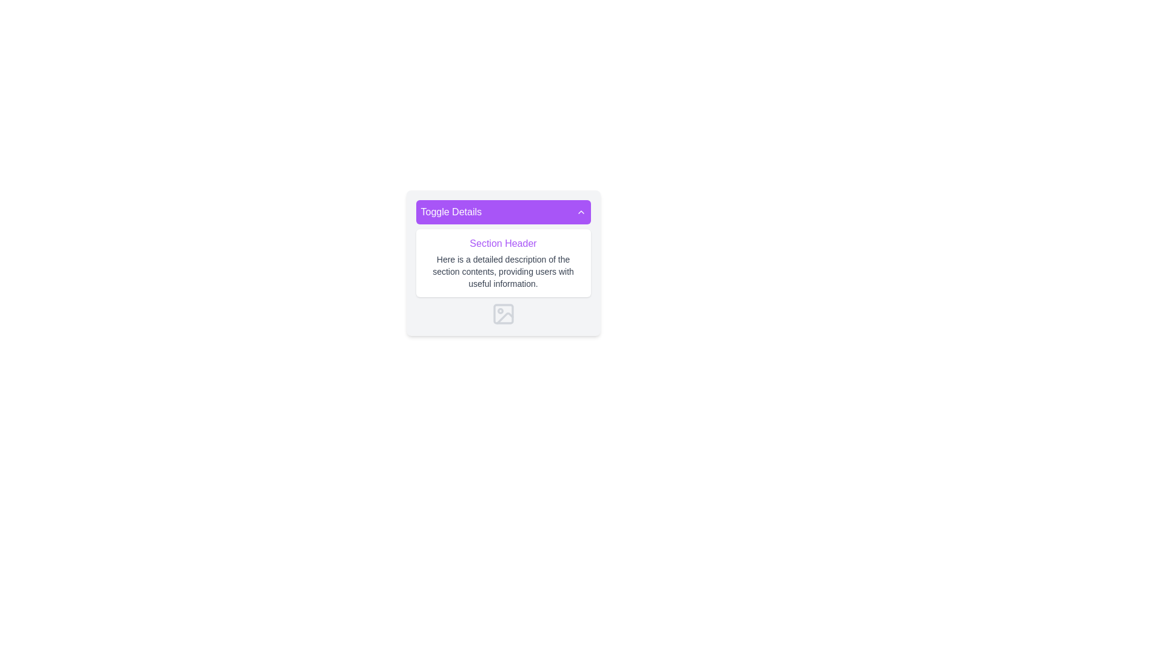 The height and width of the screenshot is (655, 1165). What do you see at coordinates (503, 278) in the screenshot?
I see `the text block that contains a heading and a paragraph, which is located beneath the purple toggle button labeled 'Toggle Details'` at bounding box center [503, 278].